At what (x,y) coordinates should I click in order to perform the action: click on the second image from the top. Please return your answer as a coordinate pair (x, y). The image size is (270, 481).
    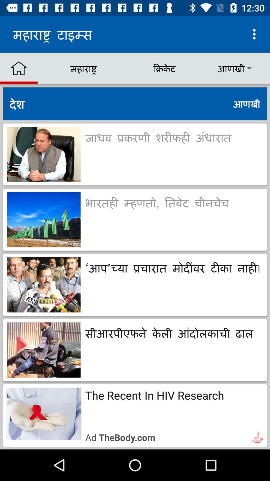
    Looking at the image, I should click on (44, 220).